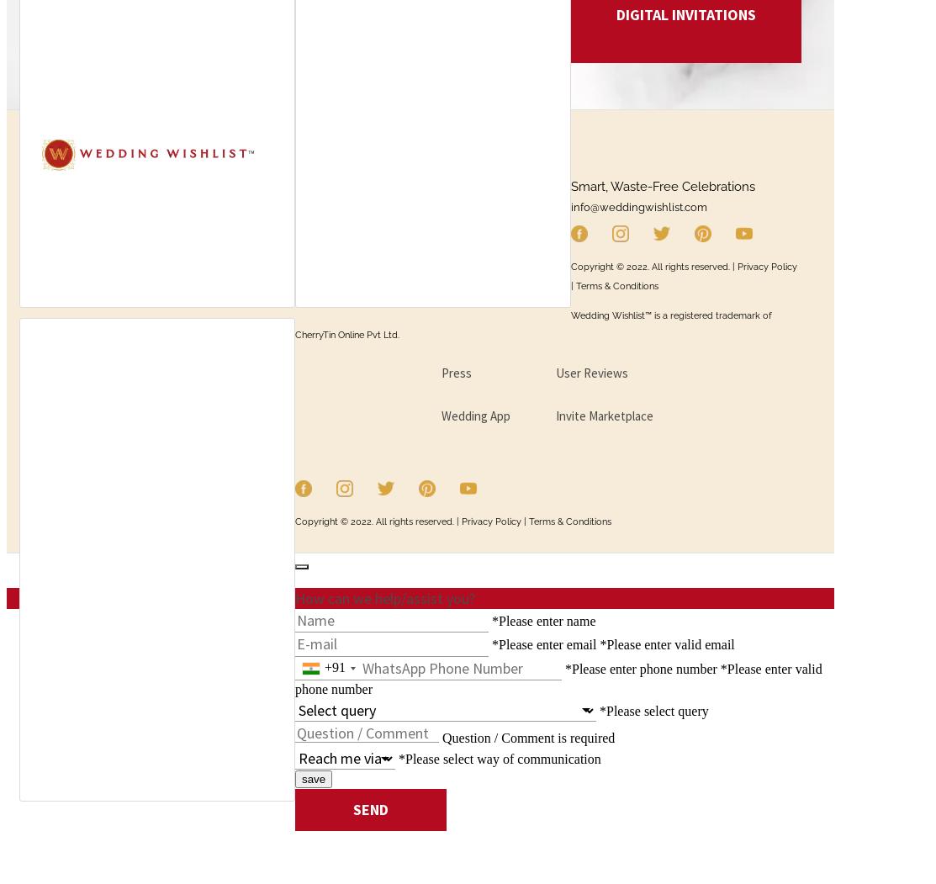  What do you see at coordinates (565, 667) in the screenshot?
I see `'*Please enter phone number'` at bounding box center [565, 667].